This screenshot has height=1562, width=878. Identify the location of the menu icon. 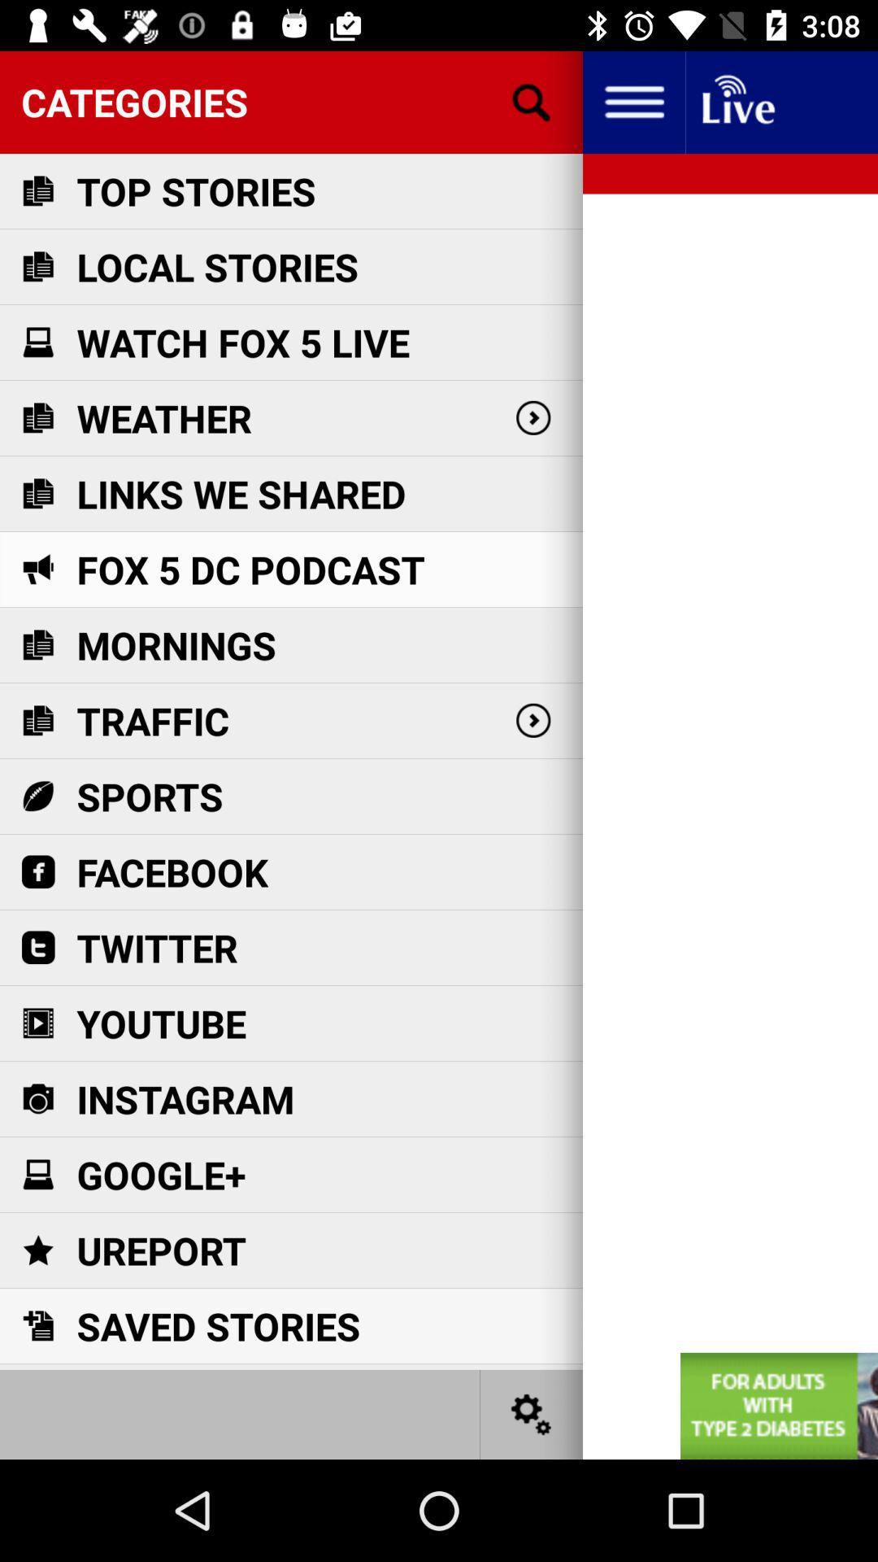
(632, 101).